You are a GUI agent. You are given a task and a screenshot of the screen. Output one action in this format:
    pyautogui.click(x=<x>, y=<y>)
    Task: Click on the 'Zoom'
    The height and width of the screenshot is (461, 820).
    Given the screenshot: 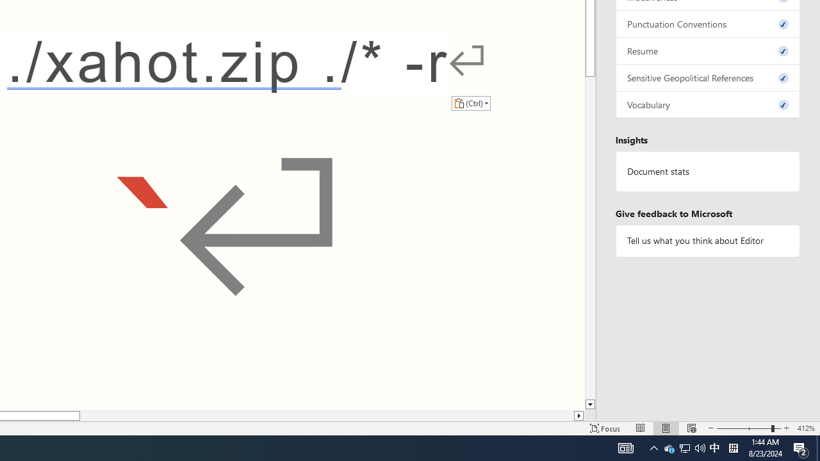 What is the action you would take?
    pyautogui.click(x=748, y=428)
    